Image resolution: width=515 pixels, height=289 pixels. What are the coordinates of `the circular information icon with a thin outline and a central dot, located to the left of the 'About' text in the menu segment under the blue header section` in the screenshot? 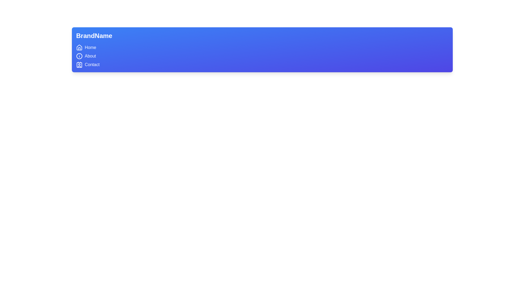 It's located at (79, 56).